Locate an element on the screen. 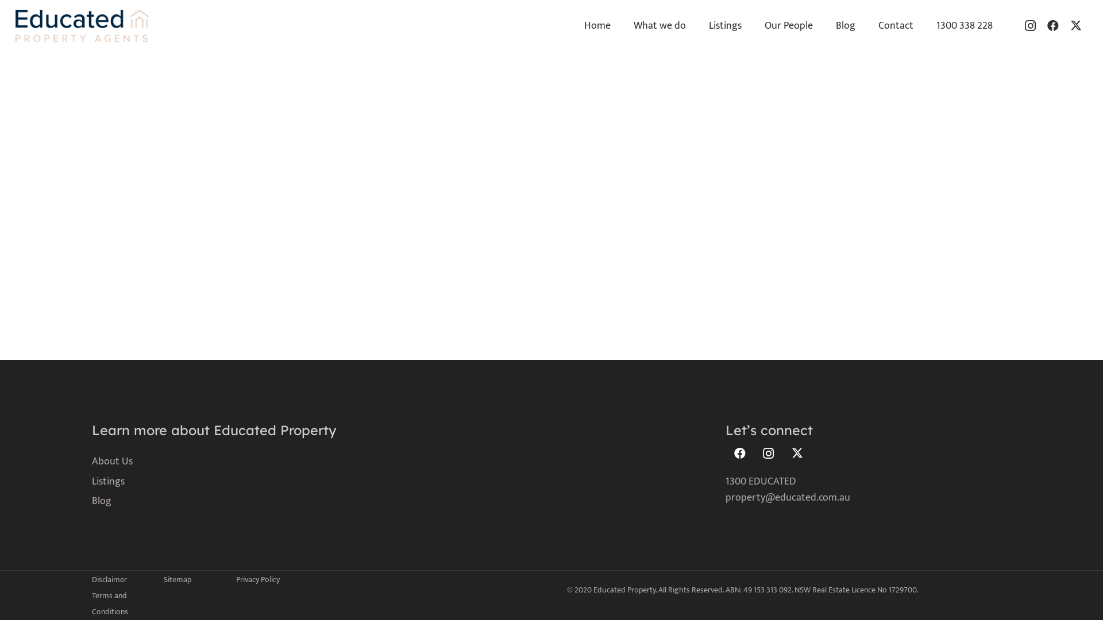 This screenshot has width=1103, height=620. 'Contact' is located at coordinates (895, 26).